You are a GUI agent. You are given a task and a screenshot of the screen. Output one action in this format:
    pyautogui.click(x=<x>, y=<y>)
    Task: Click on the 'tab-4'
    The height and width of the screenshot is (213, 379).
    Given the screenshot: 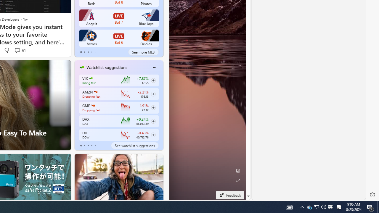 What is the action you would take?
    pyautogui.click(x=95, y=146)
    